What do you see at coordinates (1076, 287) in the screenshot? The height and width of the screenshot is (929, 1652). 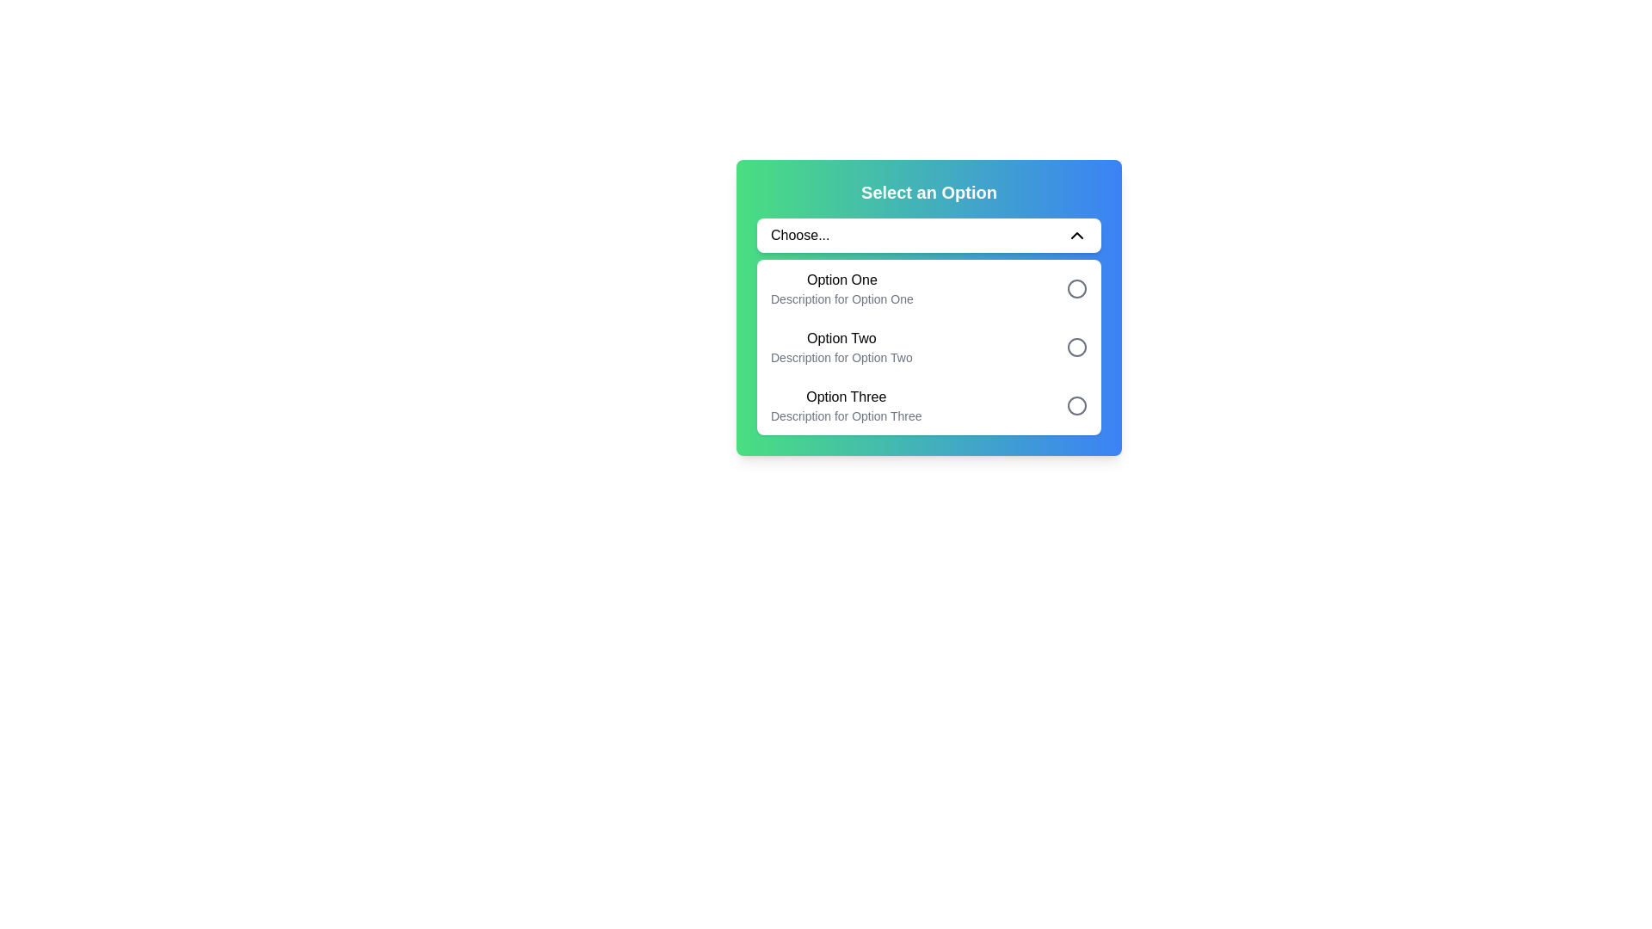 I see `the Radio Button Indicator for 'Option One'` at bounding box center [1076, 287].